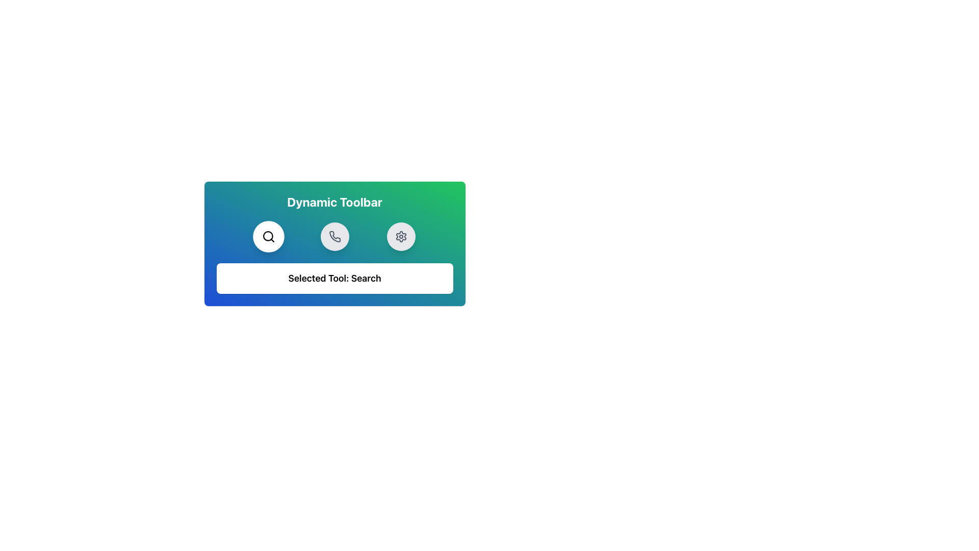  What do you see at coordinates (334, 236) in the screenshot?
I see `the circular button containing the phone receiver icon, which is styled with a minimalist outline design and located at the center of the button` at bounding box center [334, 236].